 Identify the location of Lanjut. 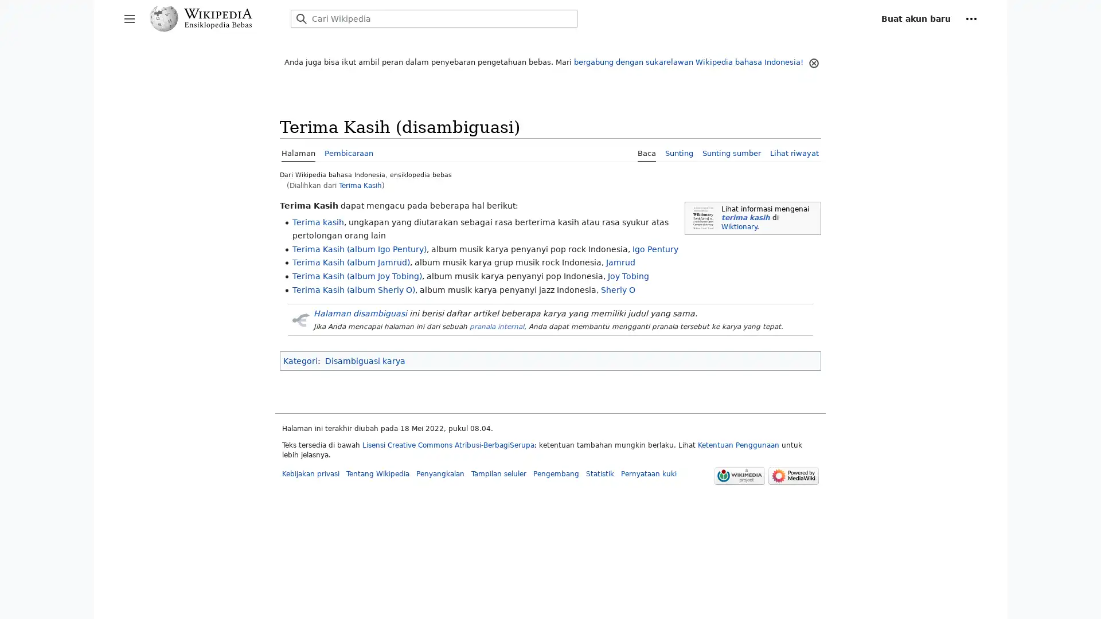
(302, 19).